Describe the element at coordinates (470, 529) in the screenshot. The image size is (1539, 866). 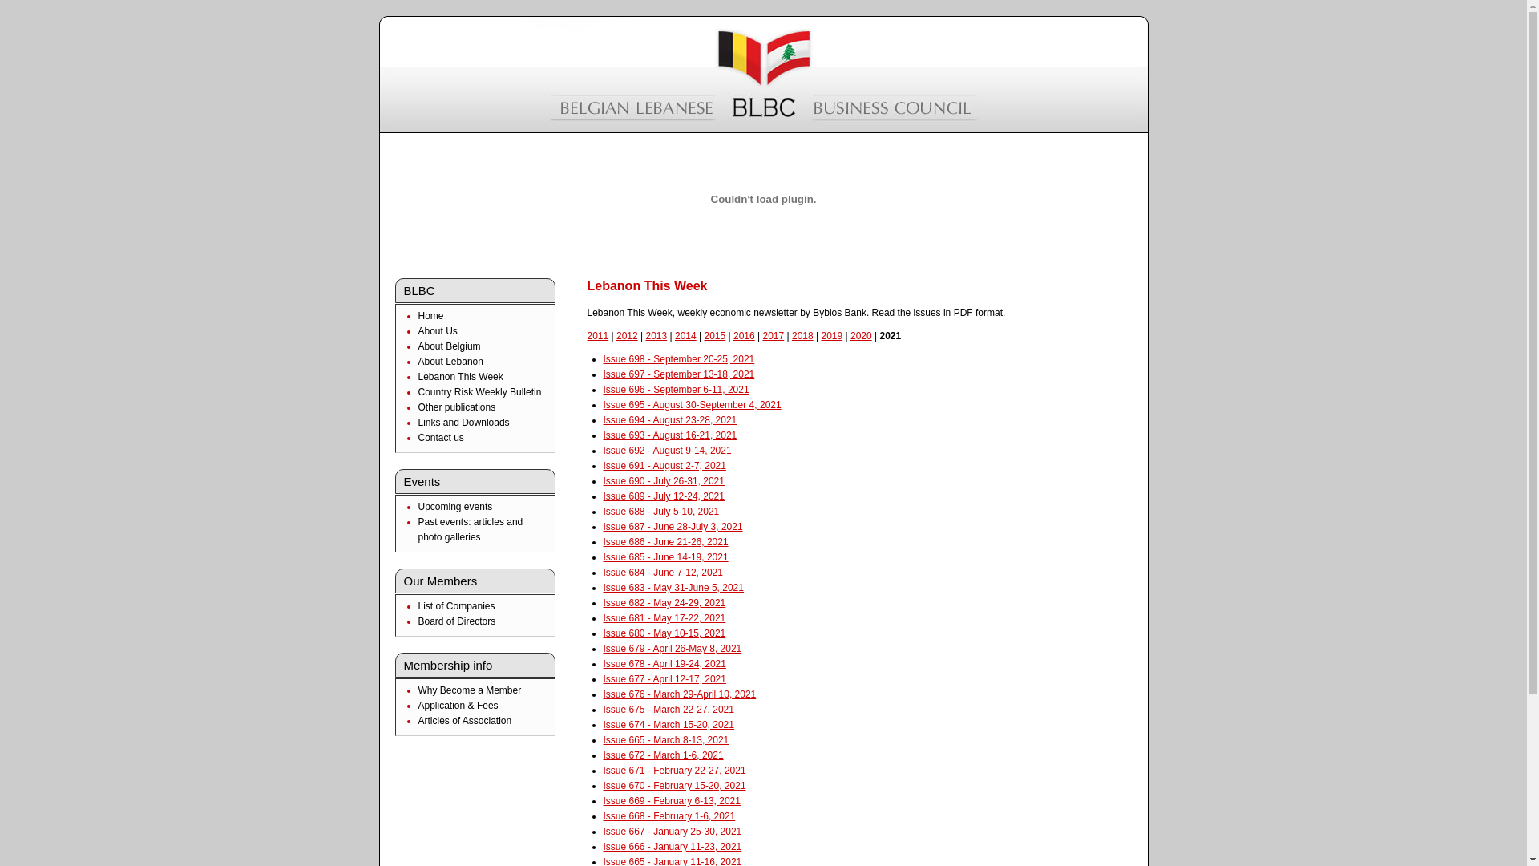
I see `'Past events: articles and photo galleries'` at that location.